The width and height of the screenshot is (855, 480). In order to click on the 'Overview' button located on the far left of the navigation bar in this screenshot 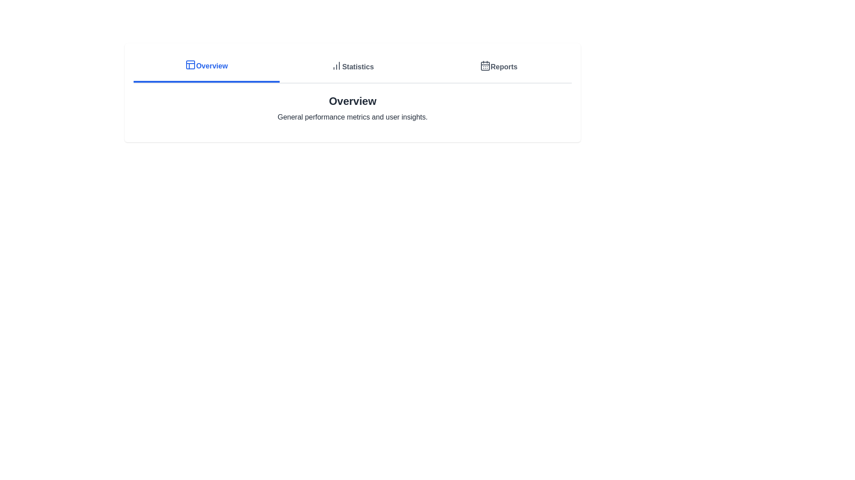, I will do `click(206, 67)`.